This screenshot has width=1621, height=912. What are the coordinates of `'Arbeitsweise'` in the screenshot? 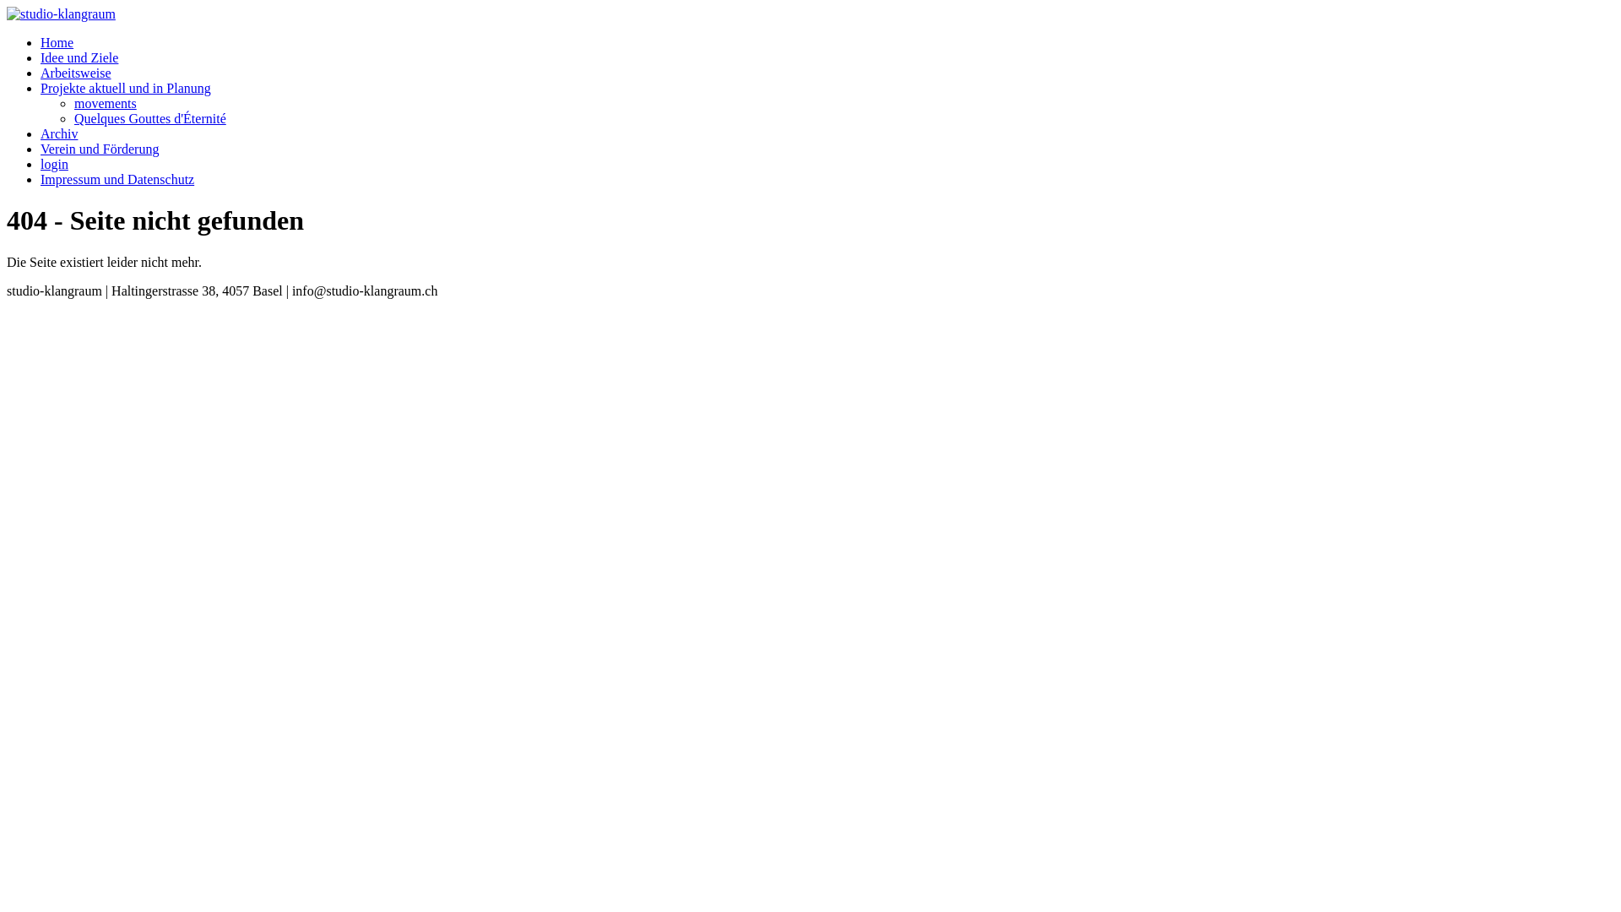 It's located at (41, 72).